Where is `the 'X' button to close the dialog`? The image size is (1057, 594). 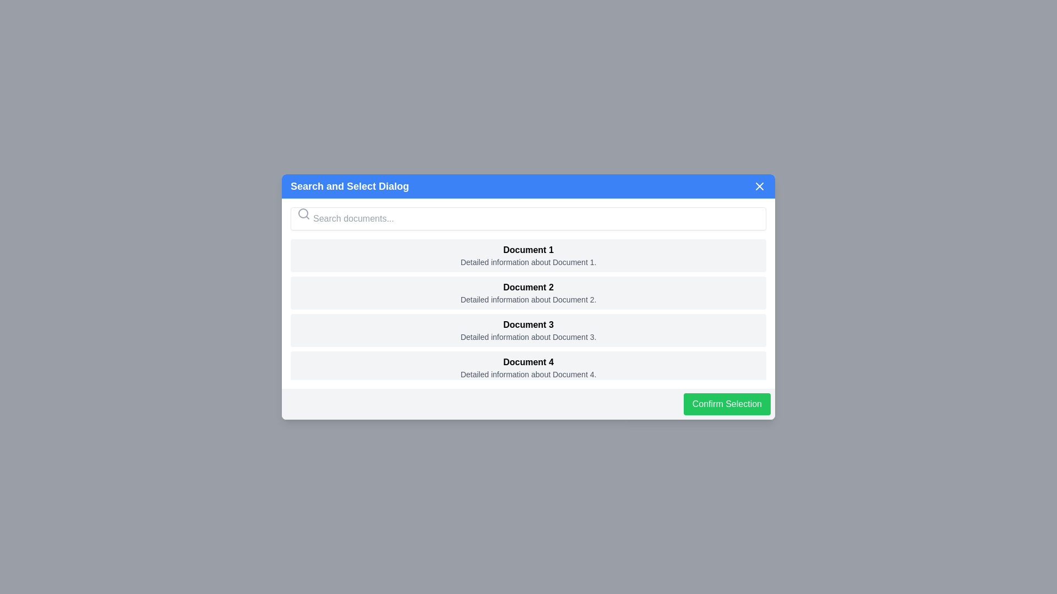 the 'X' button to close the dialog is located at coordinates (759, 186).